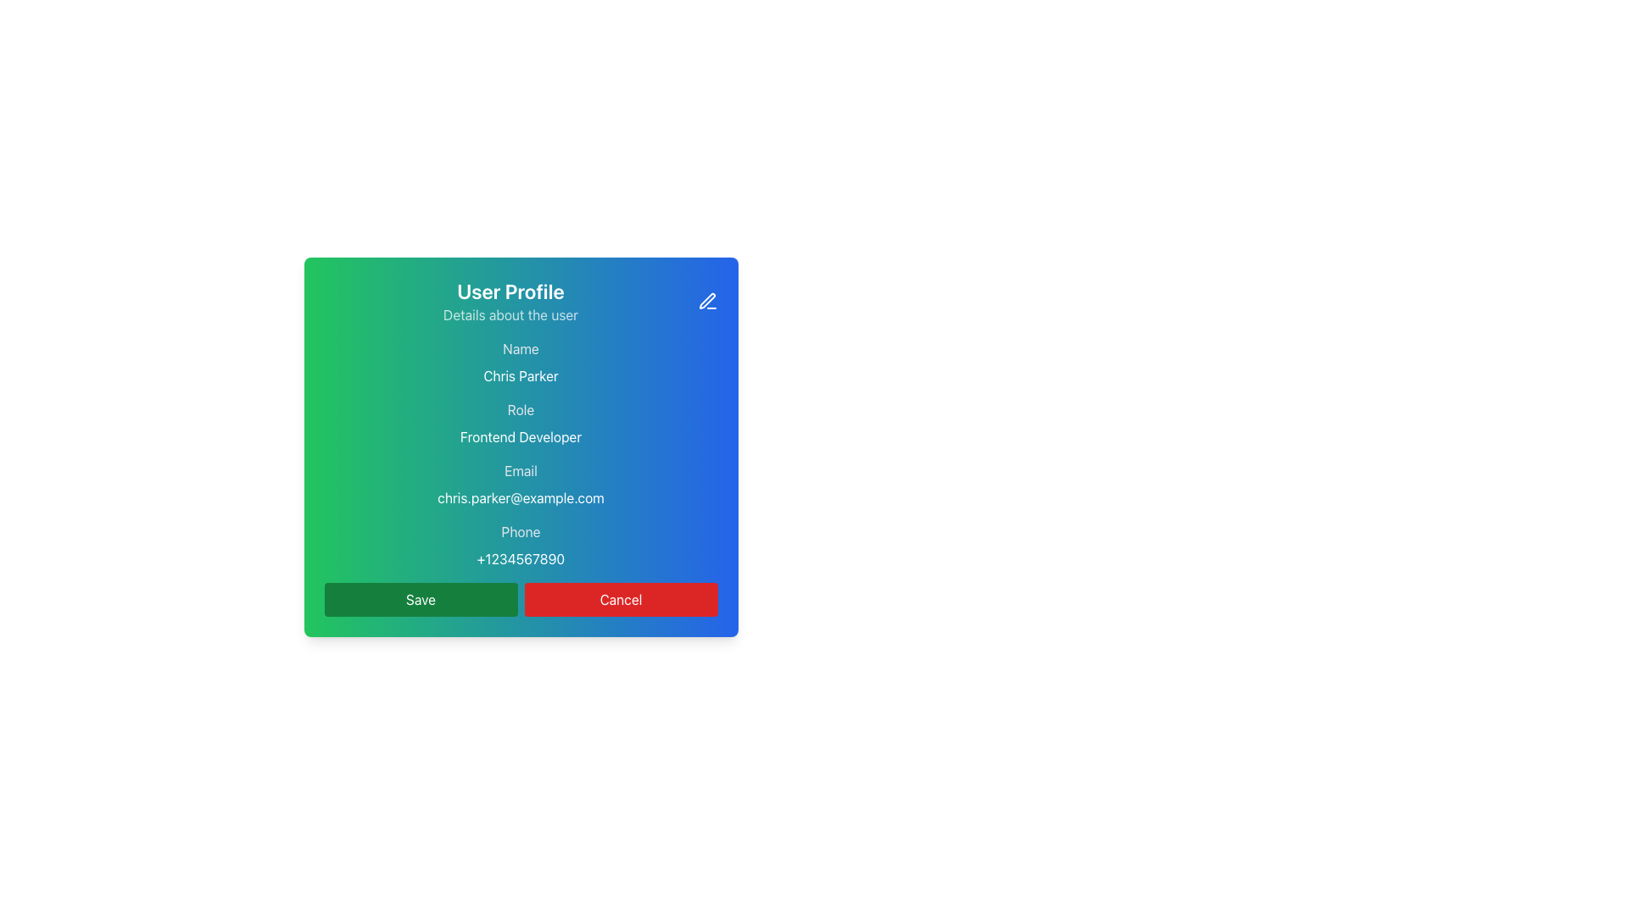  I want to click on the Header Section of the card, which serves as the title and description summarizing the content below, located at the top of the rounded rectangular card layout, so click(520, 300).